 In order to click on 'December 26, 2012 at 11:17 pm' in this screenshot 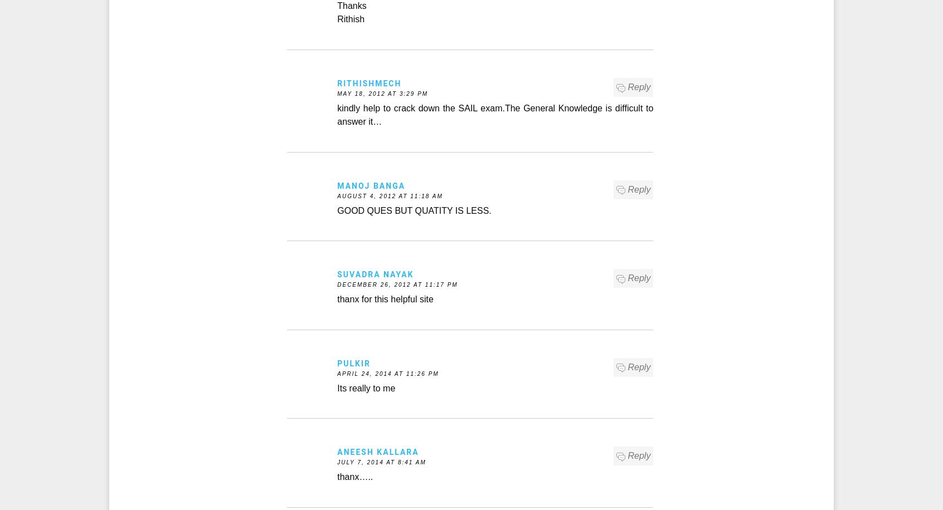, I will do `click(397, 285)`.